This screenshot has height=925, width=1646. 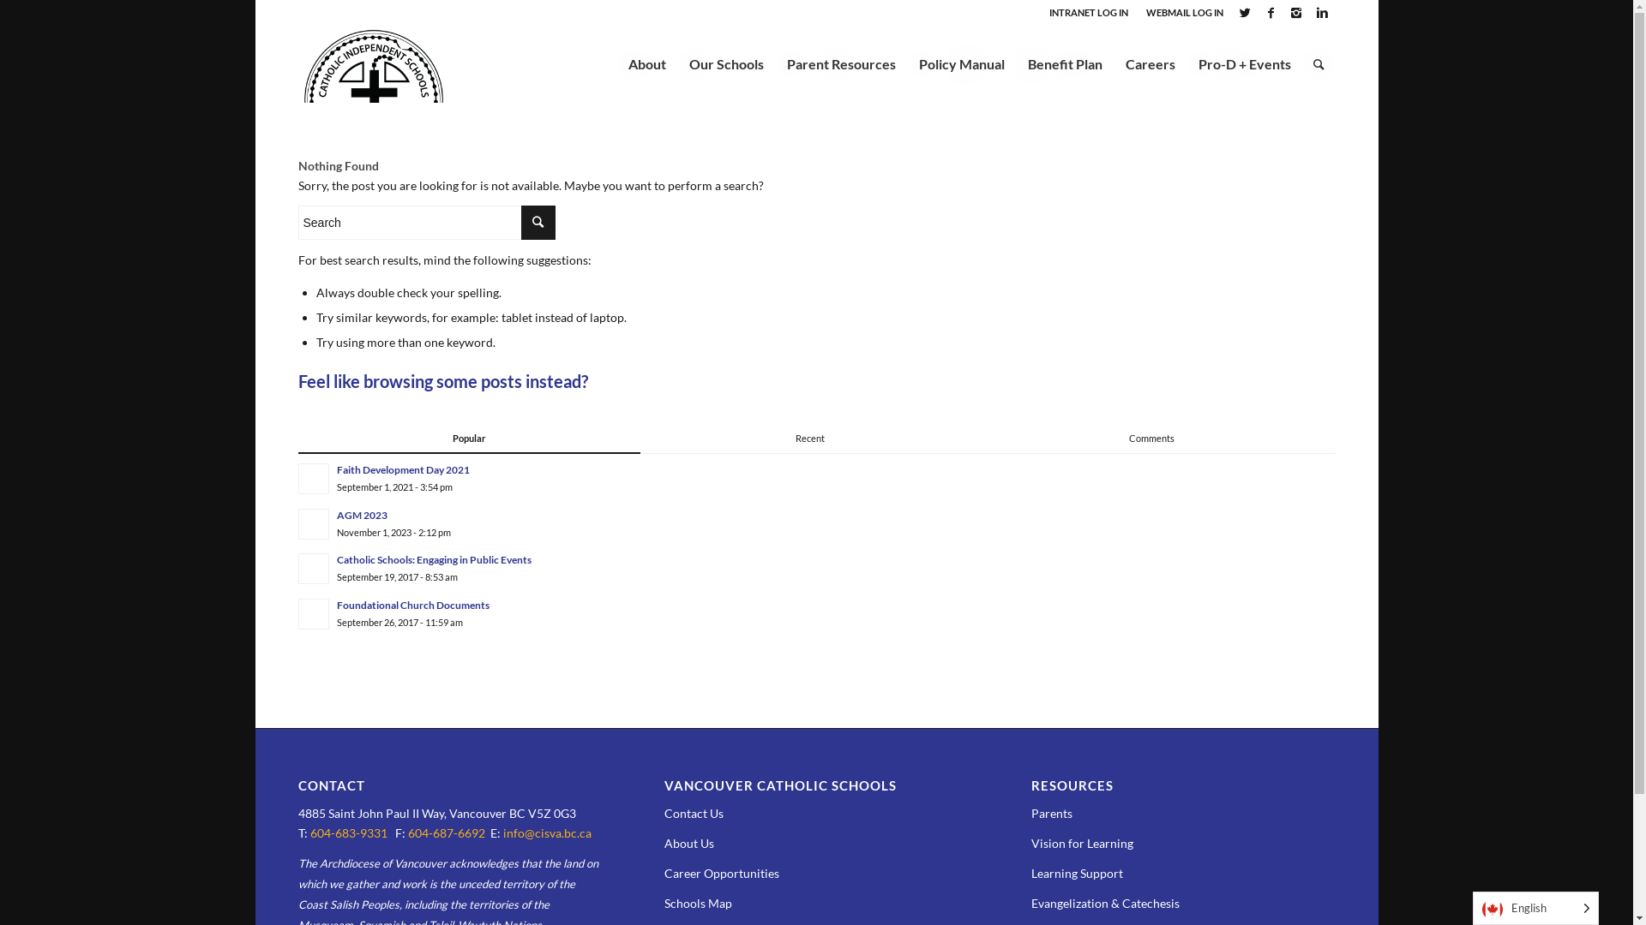 I want to click on 'About', so click(x=646, y=63).